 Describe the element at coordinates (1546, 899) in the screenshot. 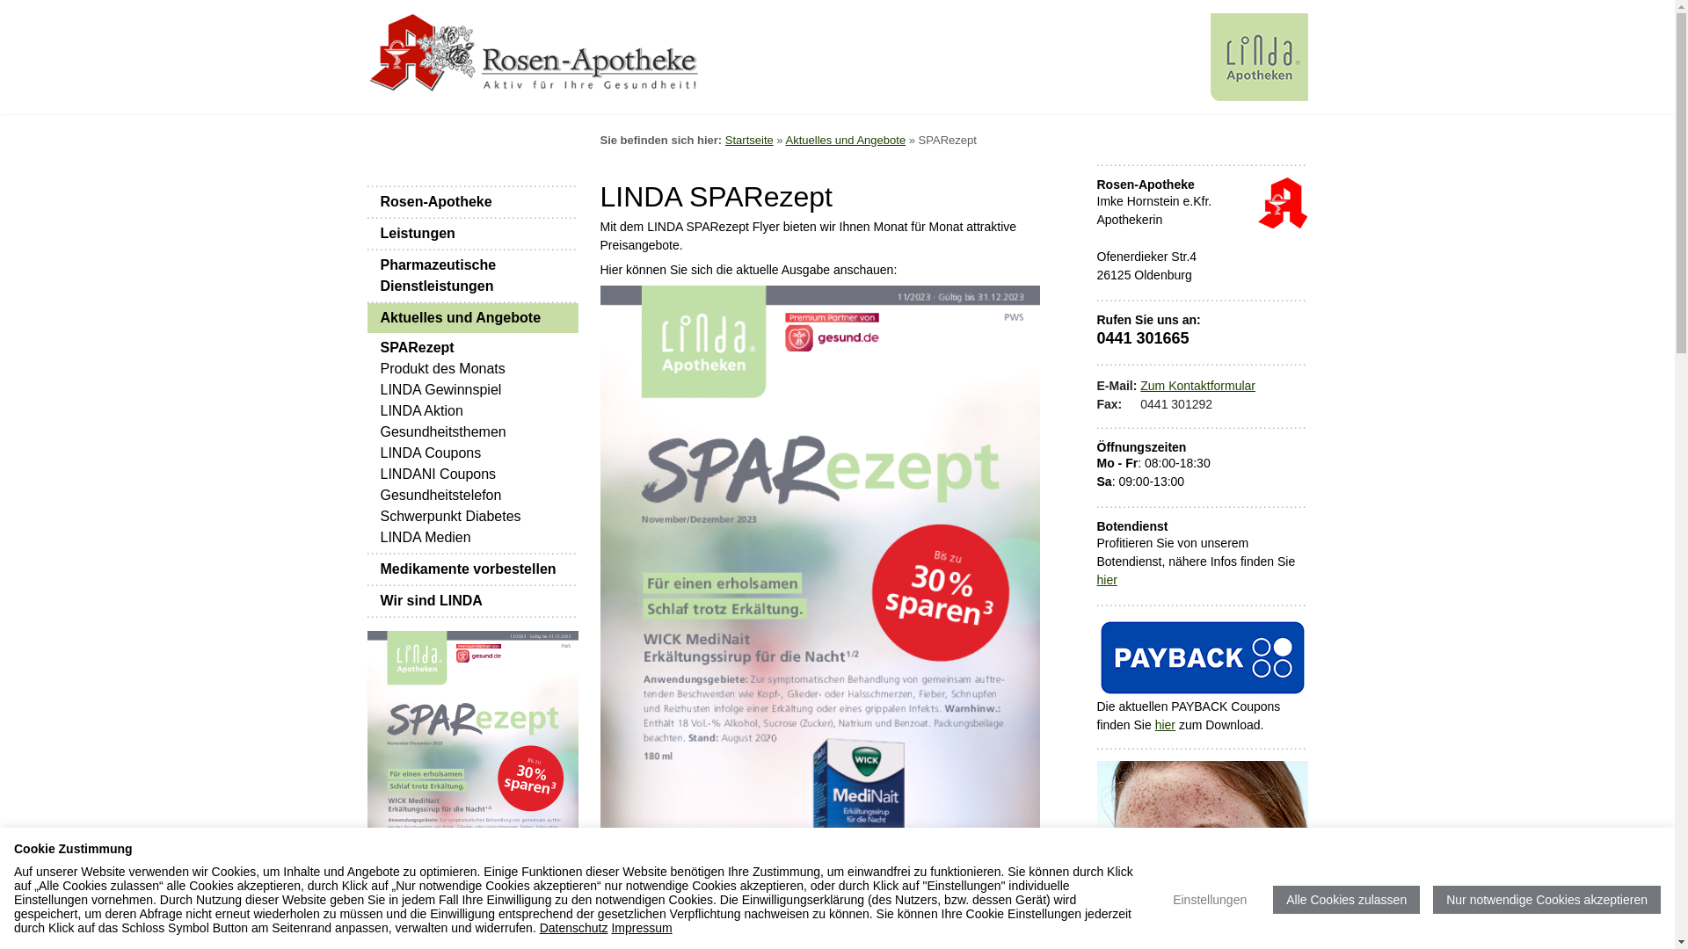

I see `'Nur notwendige Cookies akzeptieren'` at that location.